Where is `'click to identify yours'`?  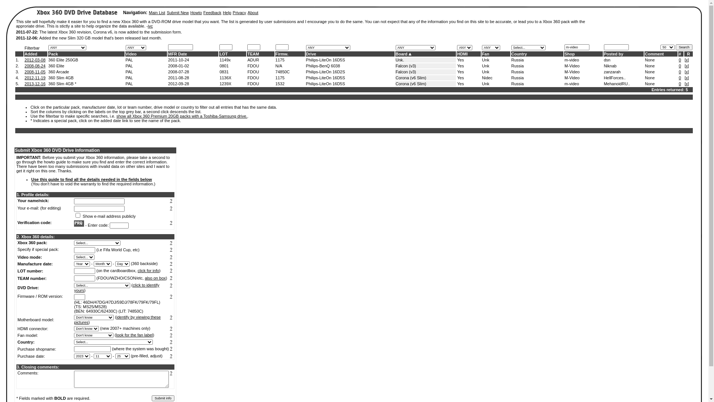
'click to identify yours' is located at coordinates (116, 287).